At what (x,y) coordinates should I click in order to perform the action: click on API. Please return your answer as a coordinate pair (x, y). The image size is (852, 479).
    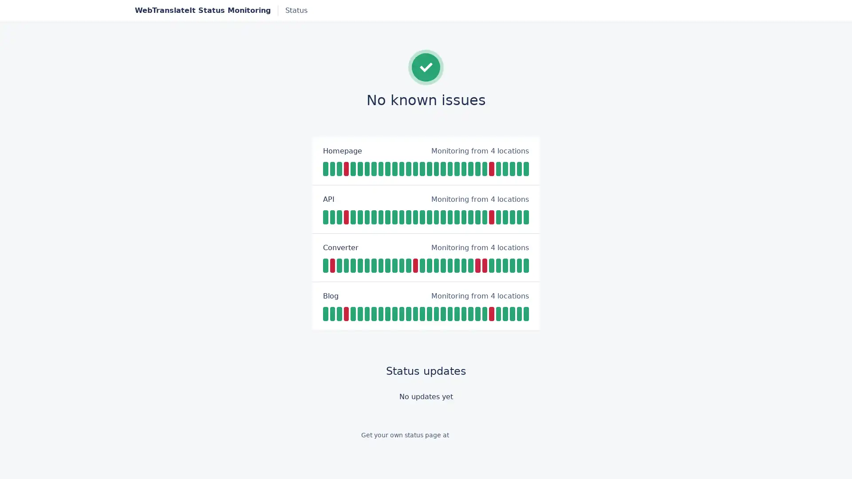
    Looking at the image, I should click on (328, 198).